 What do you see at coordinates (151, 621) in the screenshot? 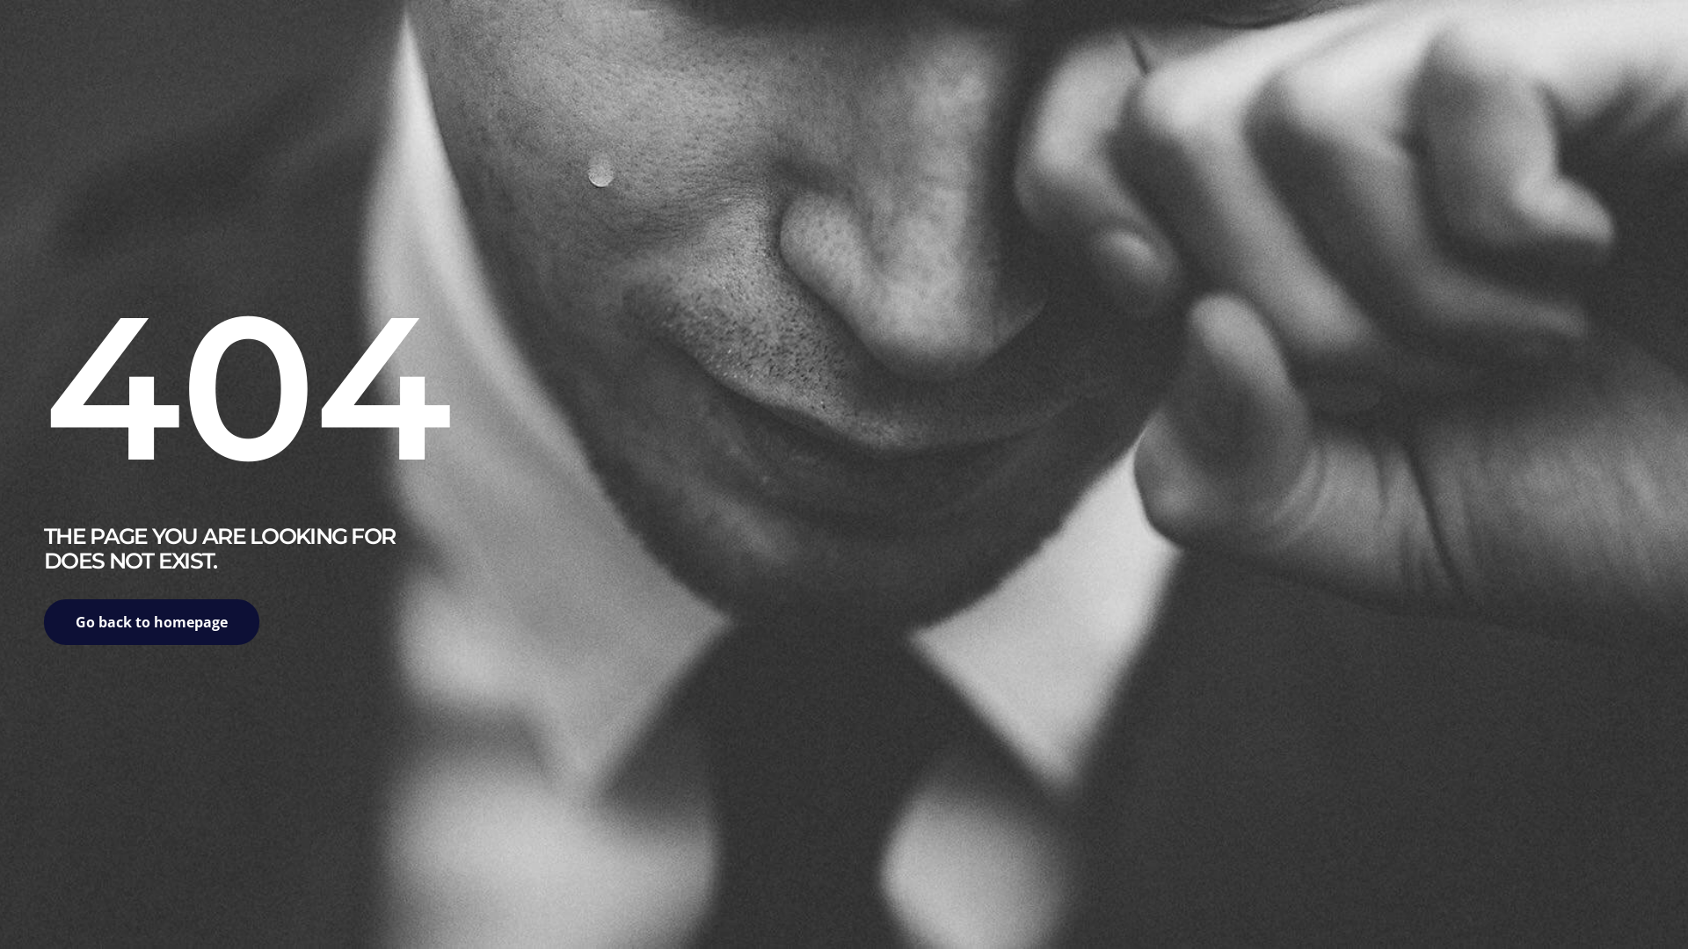
I see `'Go back to homepage'` at bounding box center [151, 621].